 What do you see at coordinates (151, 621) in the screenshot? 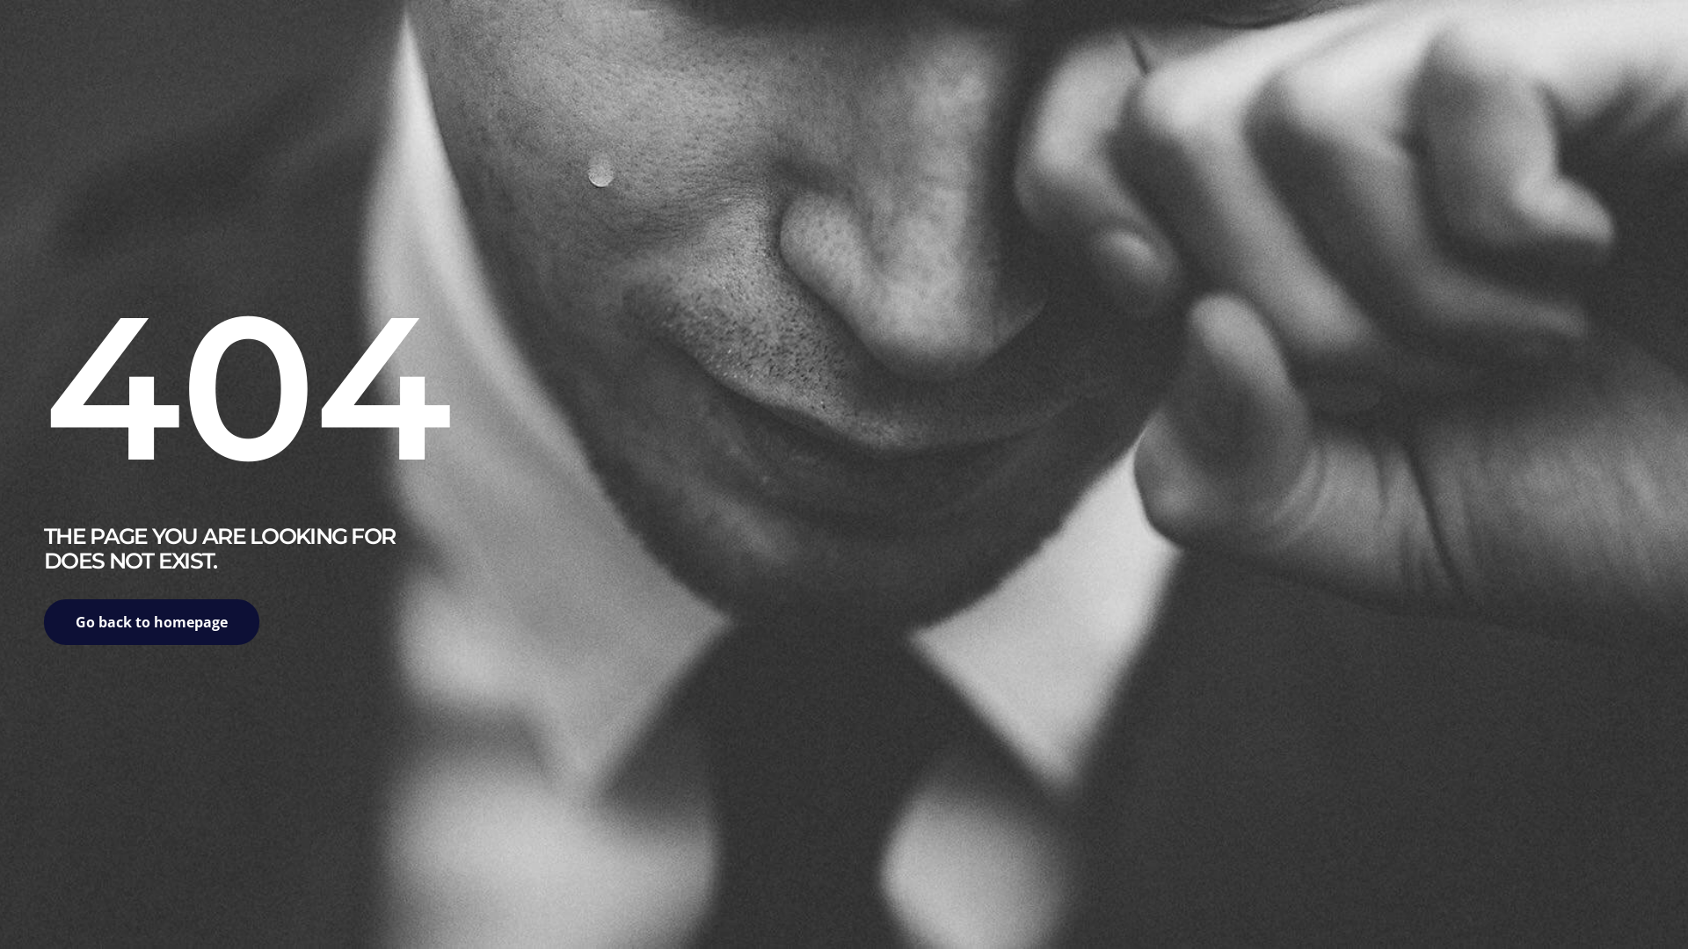
I see `'Go back to homepage'` at bounding box center [151, 621].